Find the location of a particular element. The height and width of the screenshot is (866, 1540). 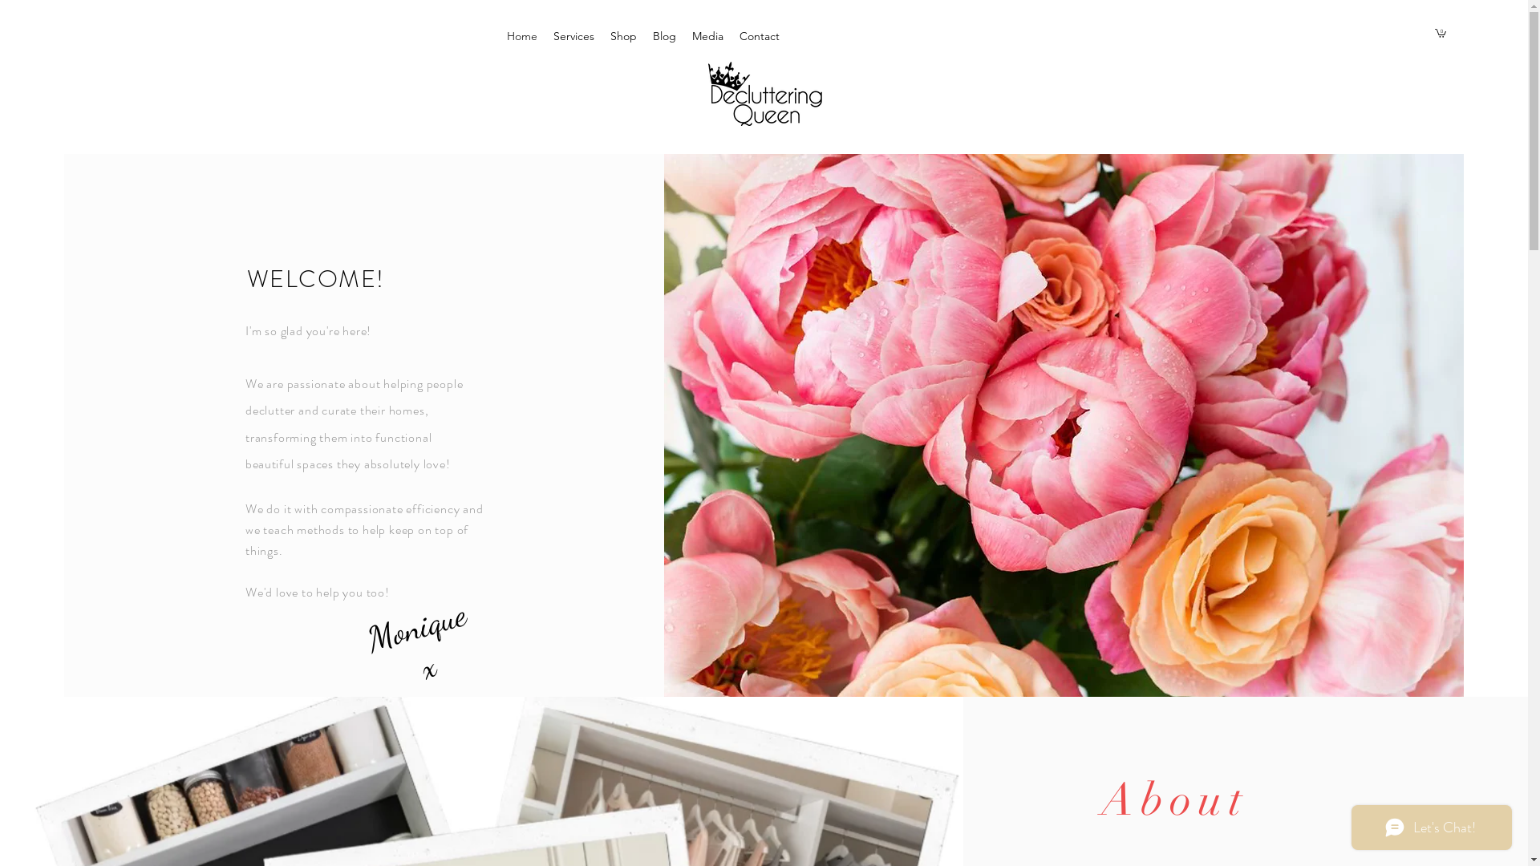

'Services' is located at coordinates (545, 36).